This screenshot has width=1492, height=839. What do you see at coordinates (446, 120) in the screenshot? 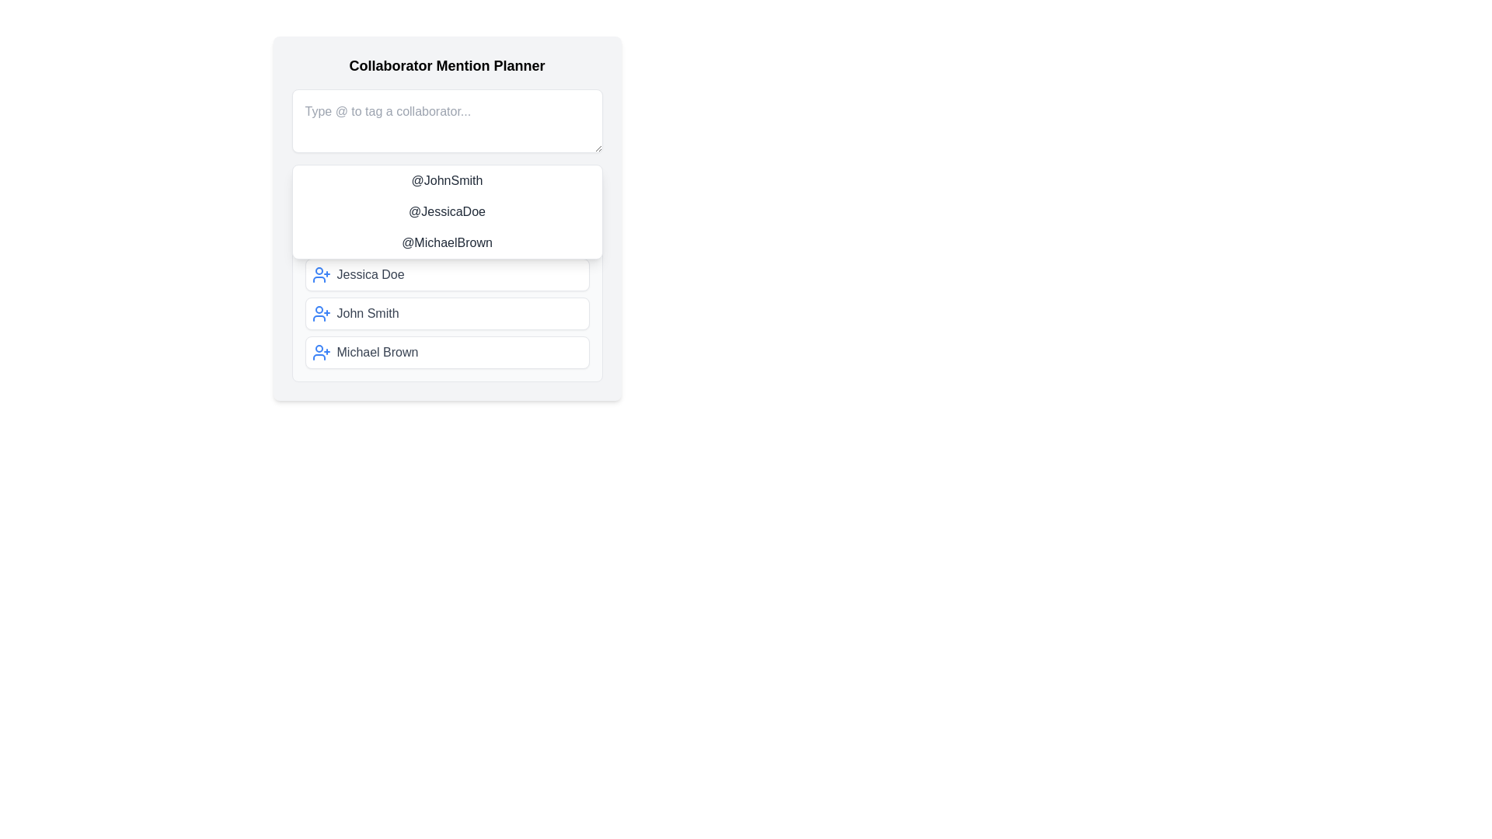
I see `the text input field with a white background and grey placeholder text that reads 'Type @ to tag a collaborator...'` at bounding box center [446, 120].